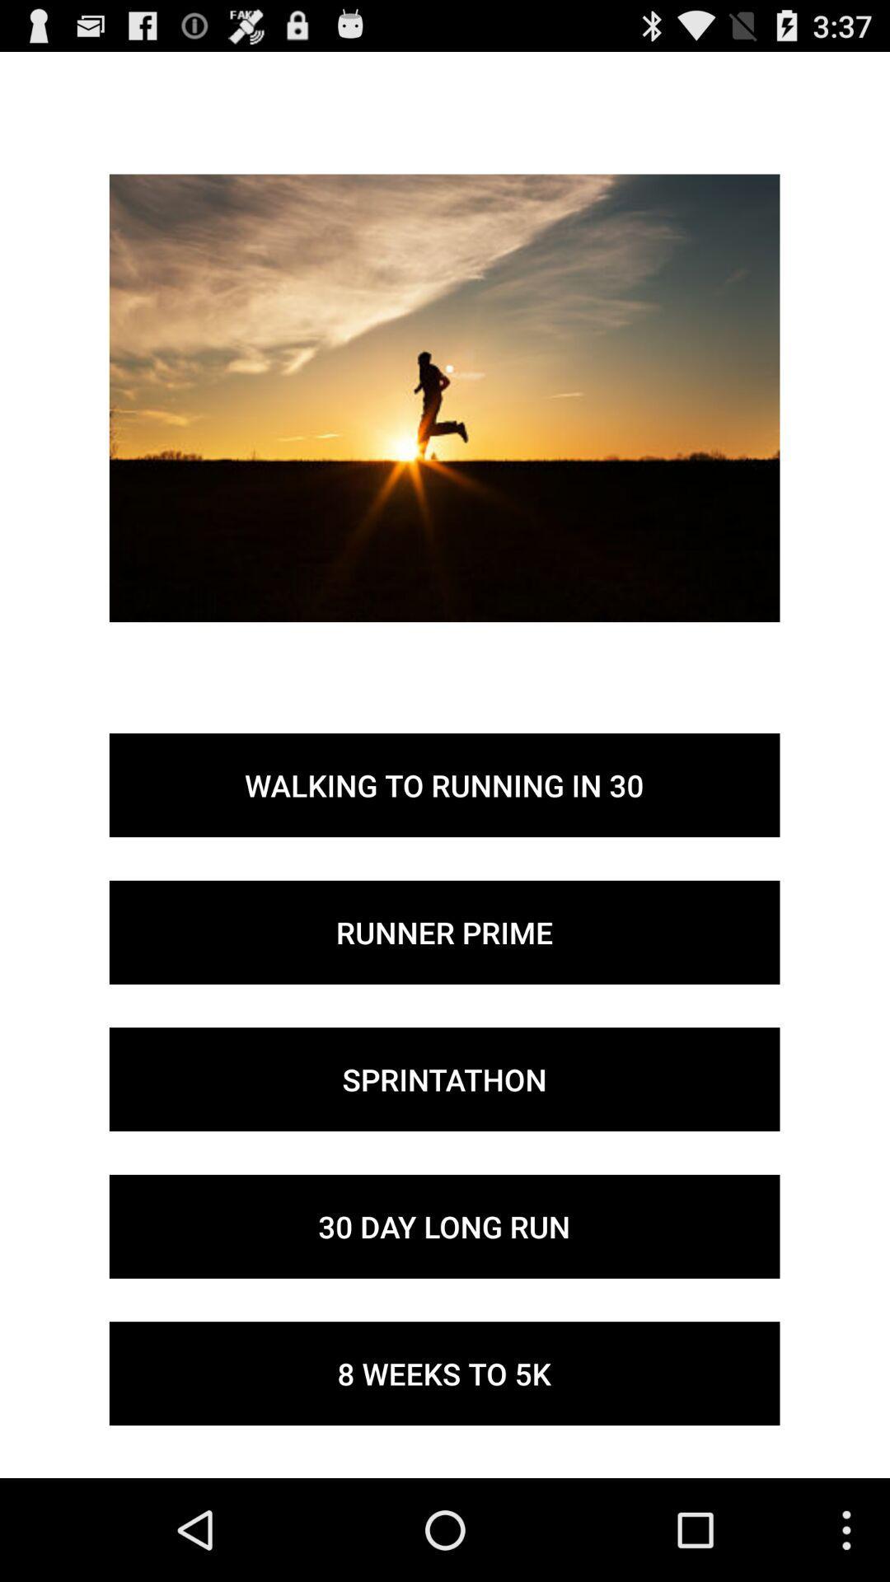 This screenshot has height=1582, width=890. I want to click on the button below the walking to running button, so click(443, 932).